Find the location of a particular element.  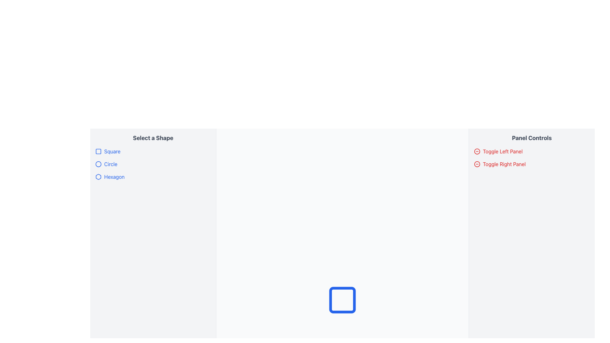

the Text label displaying 'Toggle Right Panel' styled in bold red font, located at the bottom of a set of two labeled controls in the top-right section of the interface is located at coordinates (504, 164).